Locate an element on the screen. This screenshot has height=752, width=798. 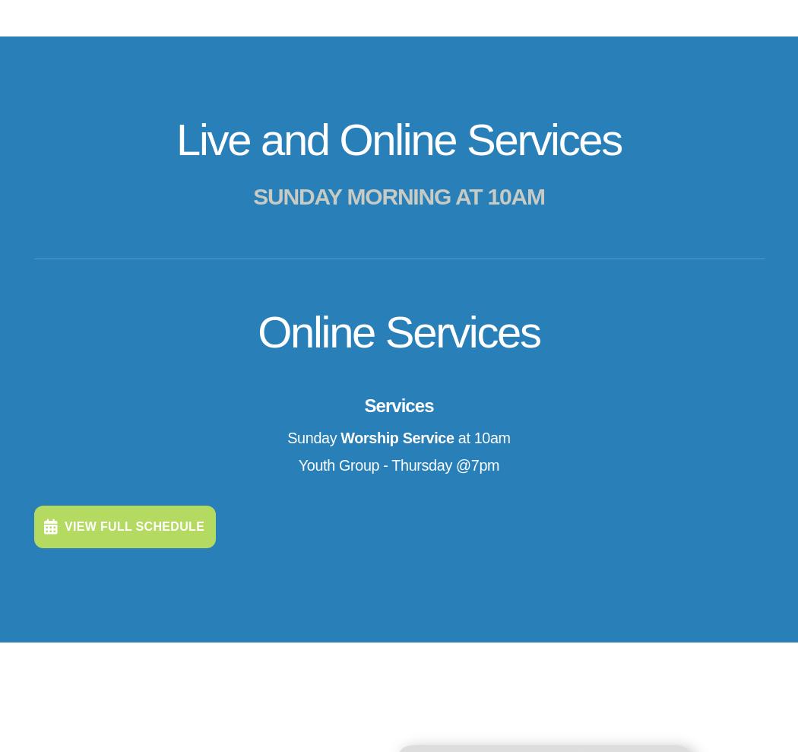
'10am' is located at coordinates (210, 685).